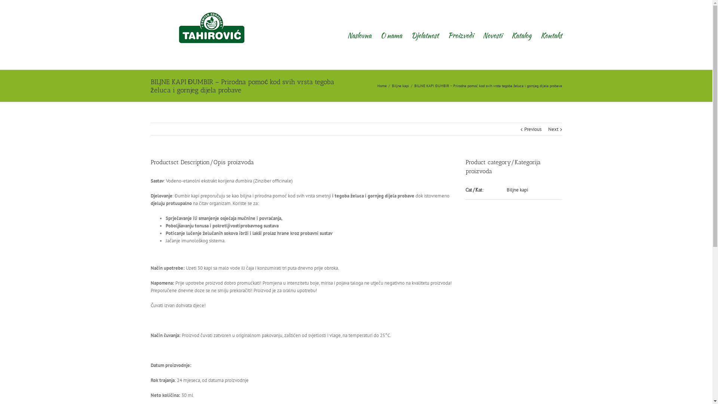  I want to click on 'O nama', so click(391, 34).